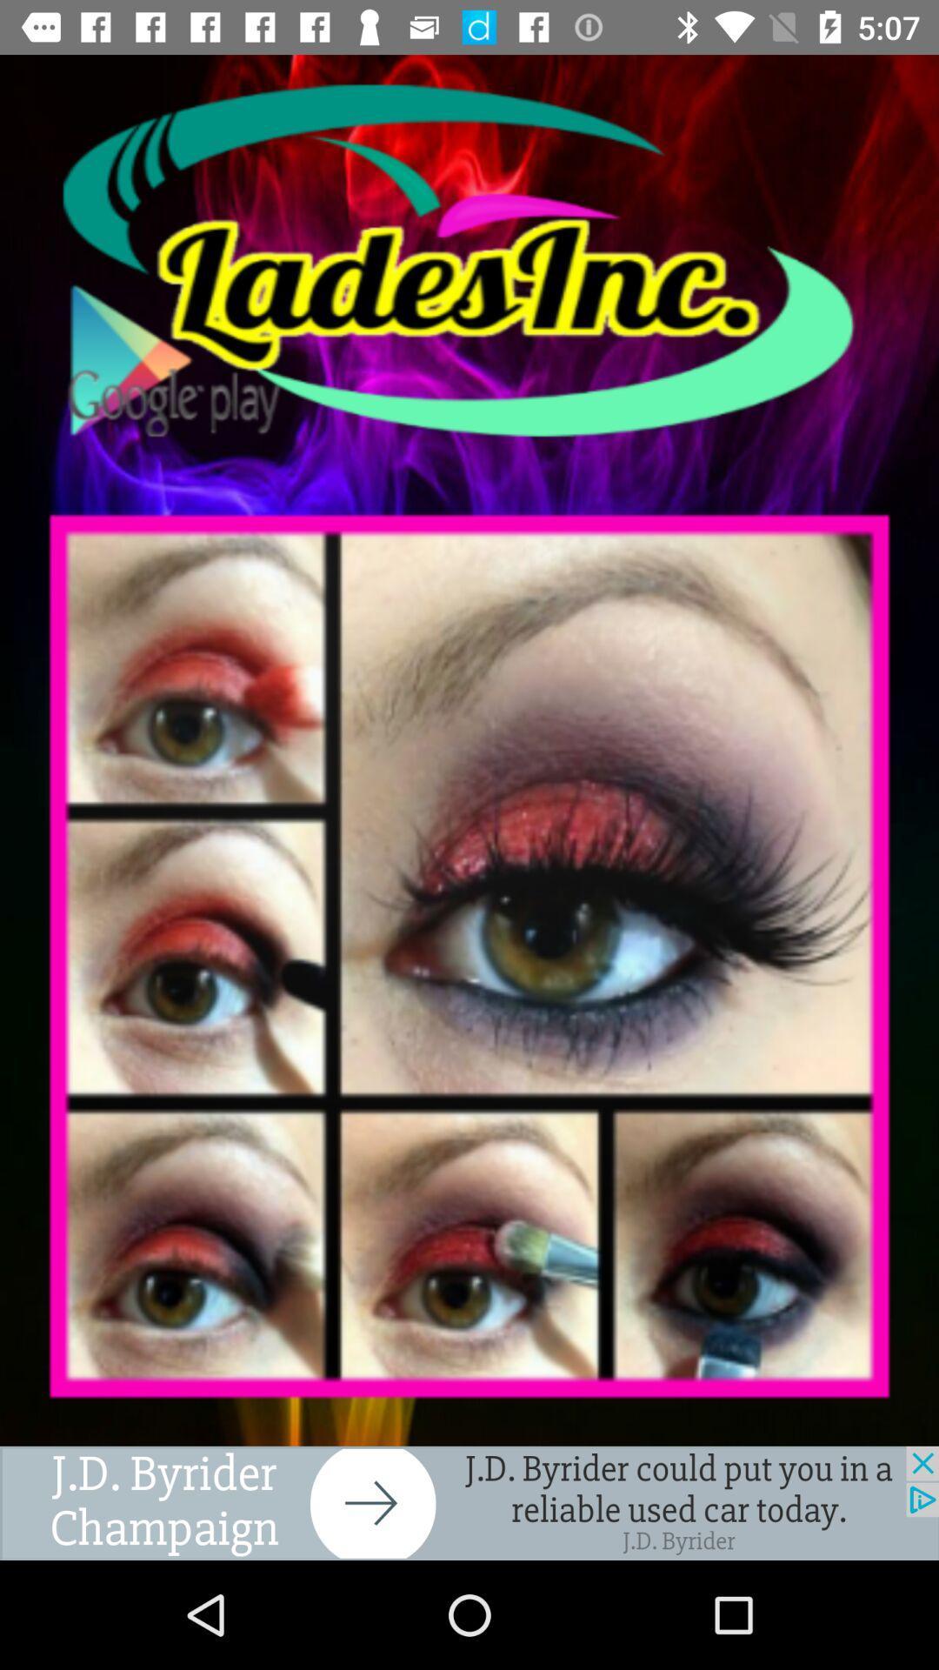 This screenshot has width=939, height=1670. Describe the element at coordinates (469, 1502) in the screenshot. I see `advertisement` at that location.